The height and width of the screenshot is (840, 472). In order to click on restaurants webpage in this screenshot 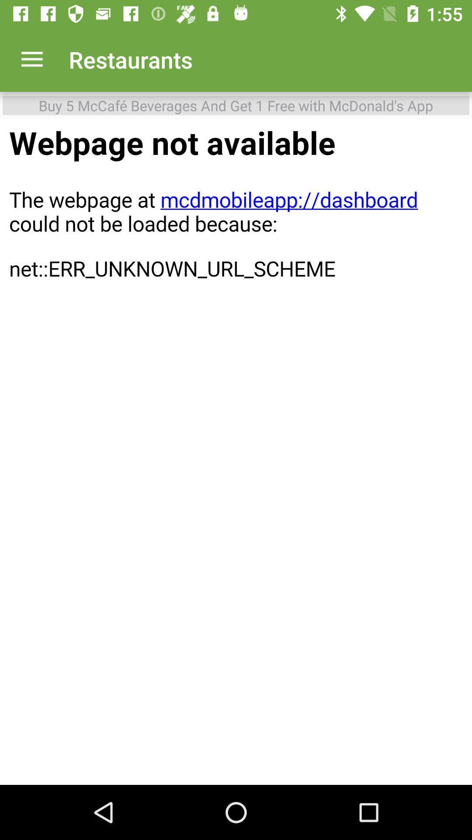, I will do `click(236, 452)`.